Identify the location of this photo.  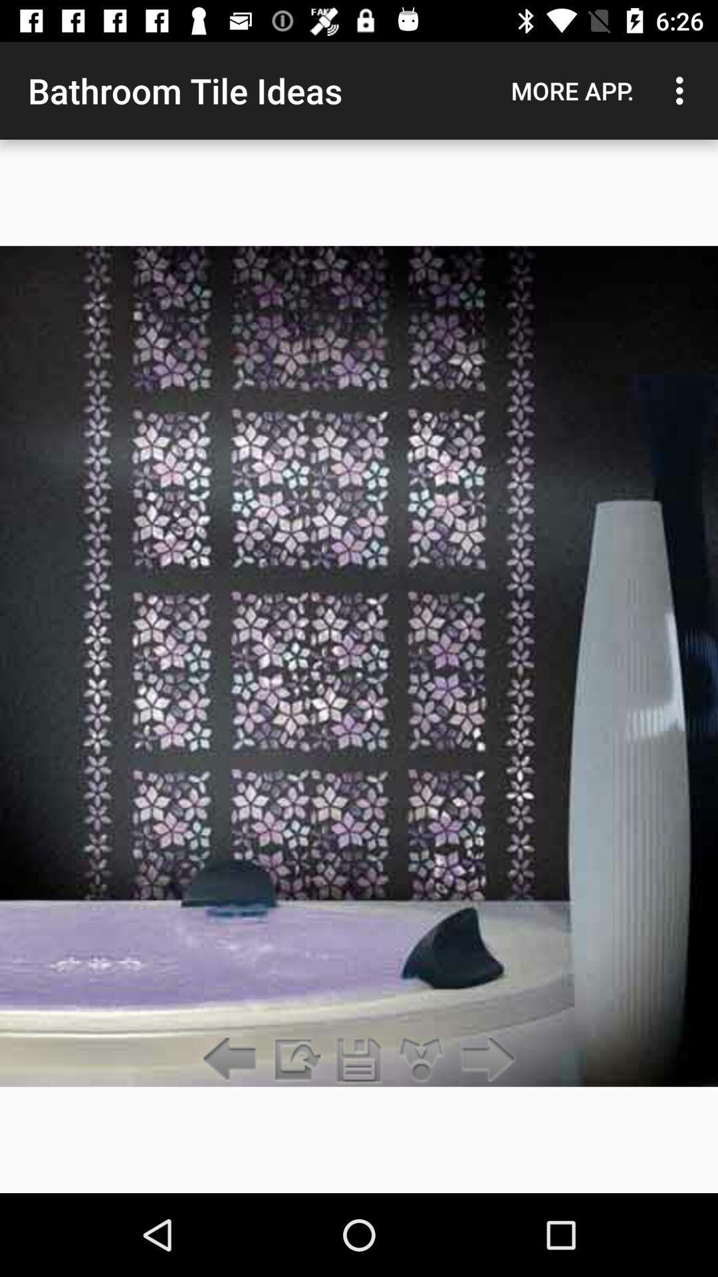
(359, 1060).